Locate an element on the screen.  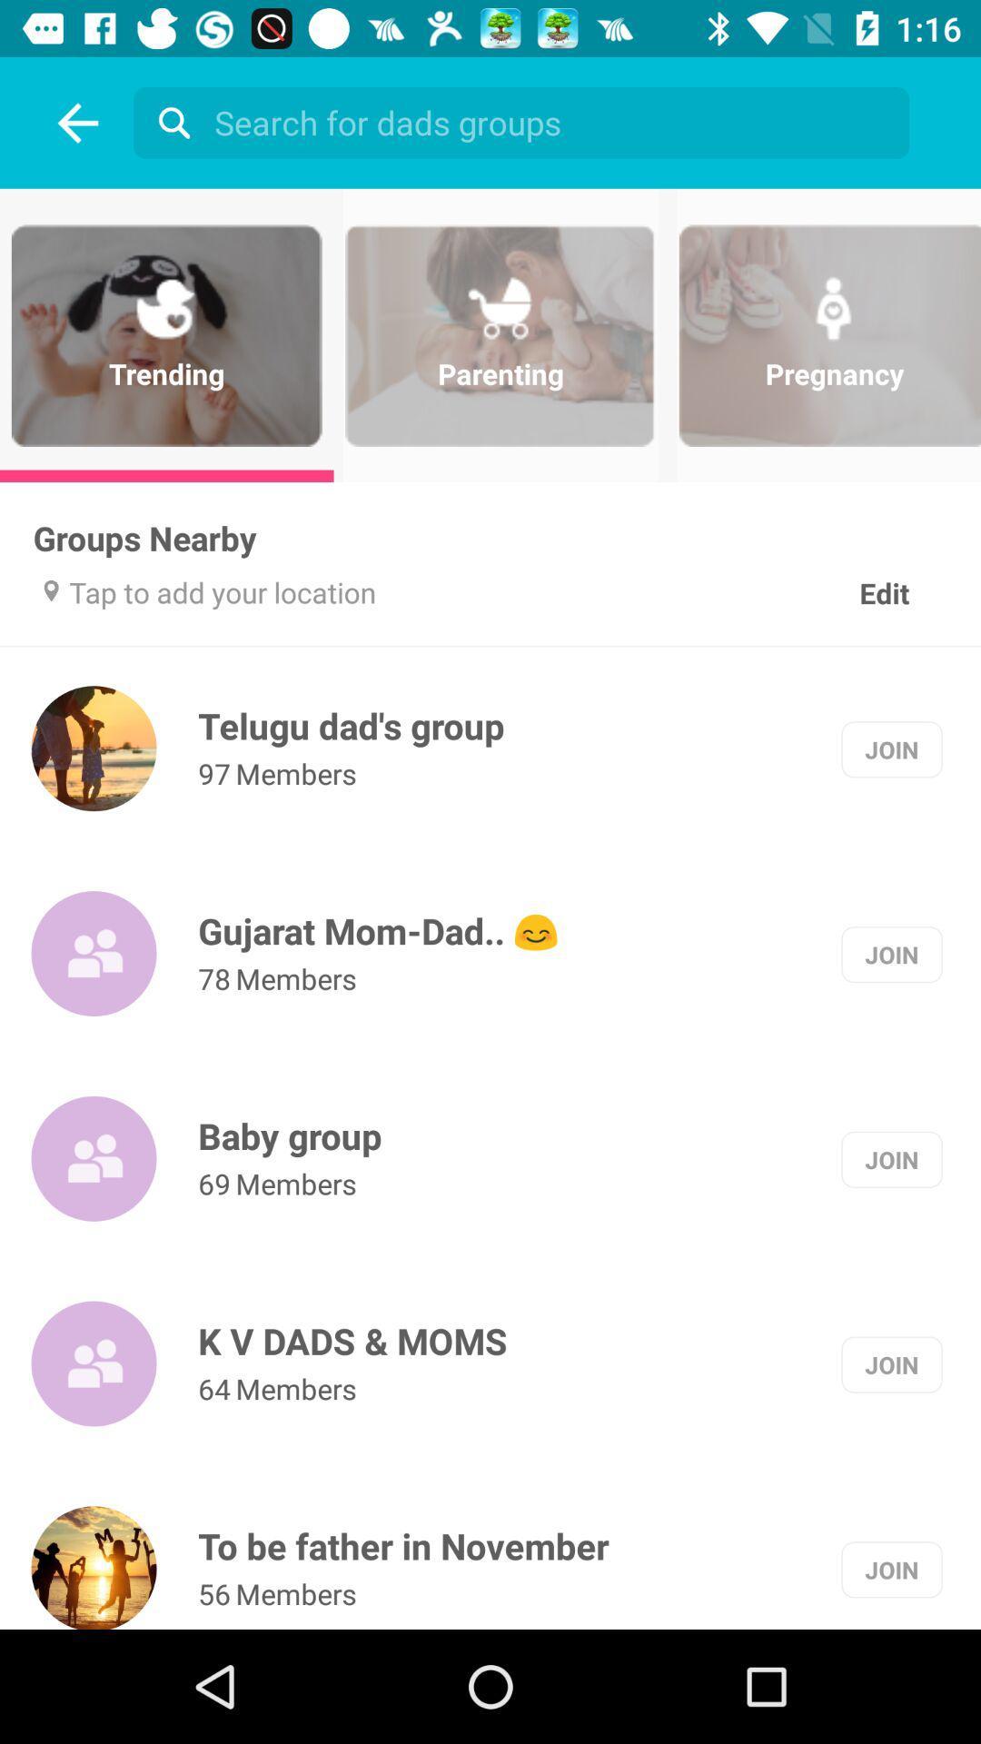
search is located at coordinates (169, 122).